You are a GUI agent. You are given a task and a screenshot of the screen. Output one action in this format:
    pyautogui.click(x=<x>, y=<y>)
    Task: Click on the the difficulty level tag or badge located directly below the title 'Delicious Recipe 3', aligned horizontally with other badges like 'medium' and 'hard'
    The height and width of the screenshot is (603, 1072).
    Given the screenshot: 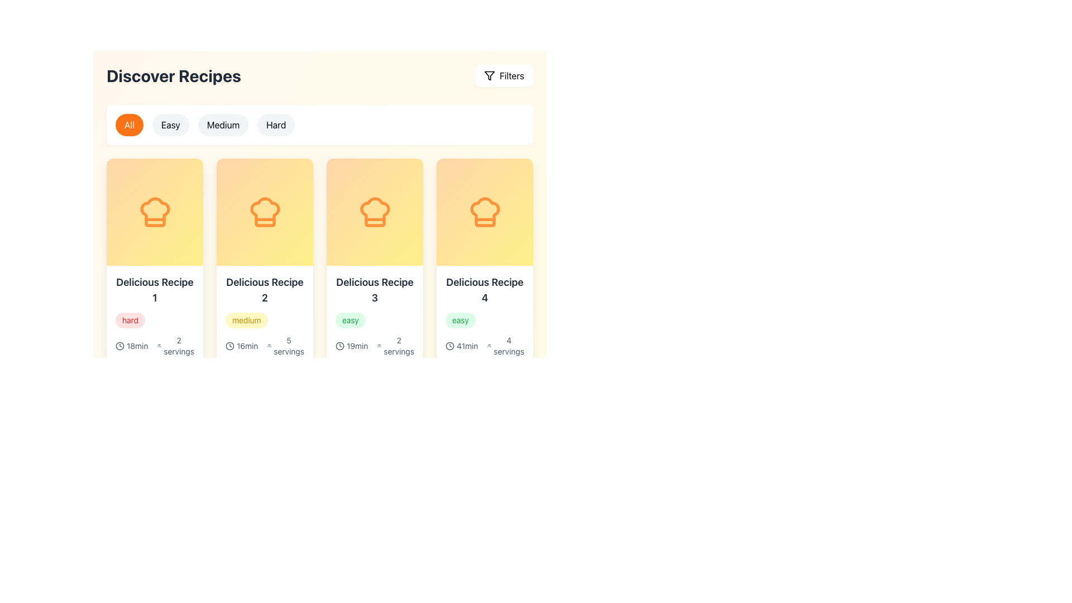 What is the action you would take?
    pyautogui.click(x=375, y=320)
    